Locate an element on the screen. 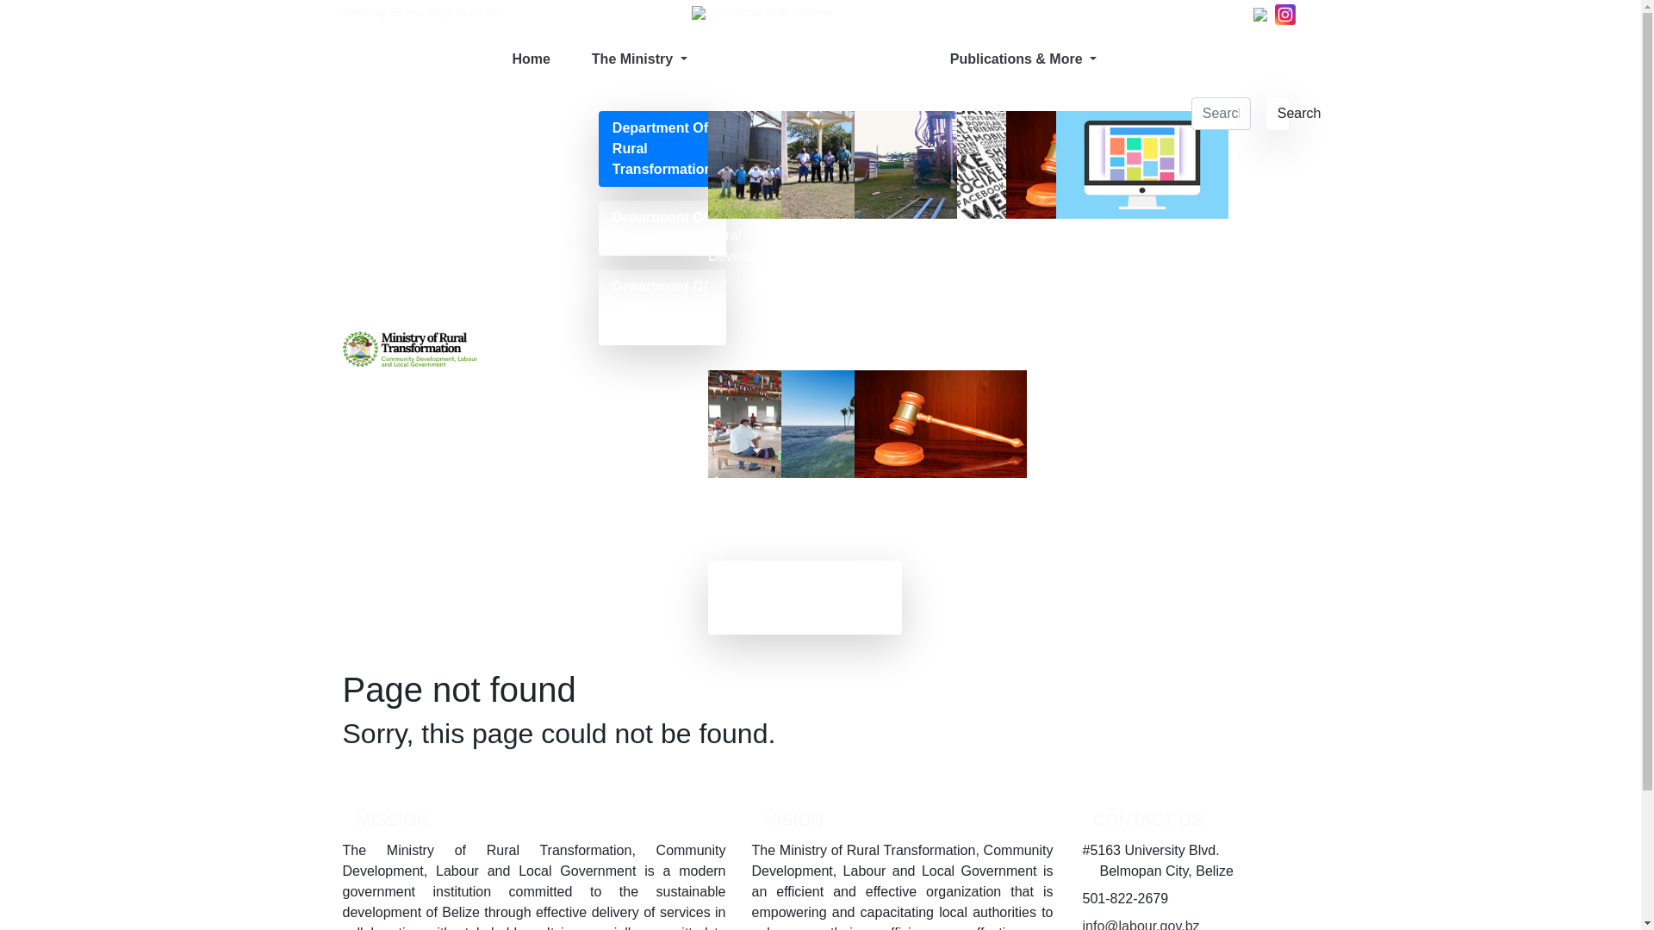 This screenshot has height=930, width=1654. 'Search' is located at coordinates (1278, 113).